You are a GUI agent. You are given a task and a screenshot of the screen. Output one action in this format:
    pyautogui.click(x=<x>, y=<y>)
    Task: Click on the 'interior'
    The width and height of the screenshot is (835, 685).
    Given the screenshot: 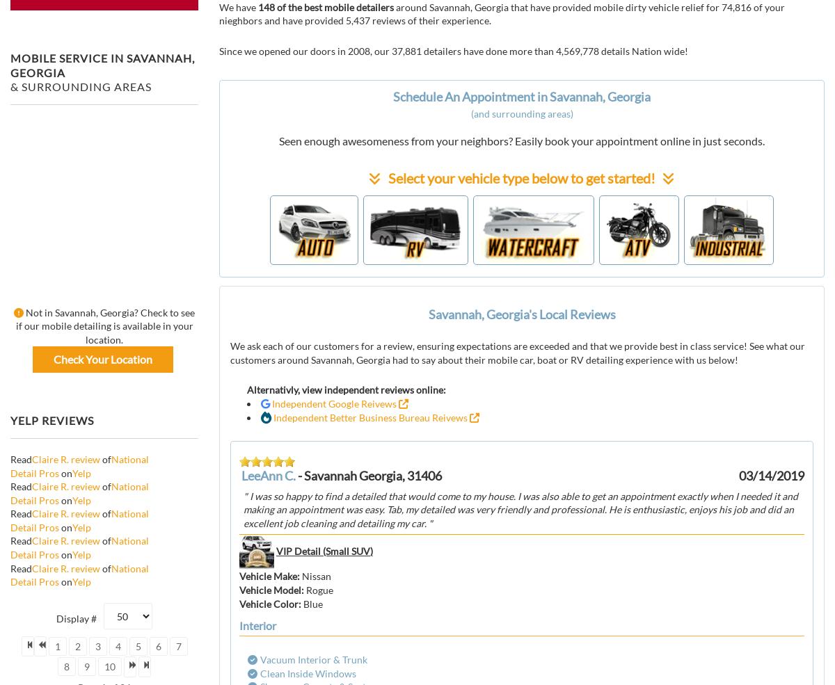 What is the action you would take?
    pyautogui.click(x=257, y=625)
    